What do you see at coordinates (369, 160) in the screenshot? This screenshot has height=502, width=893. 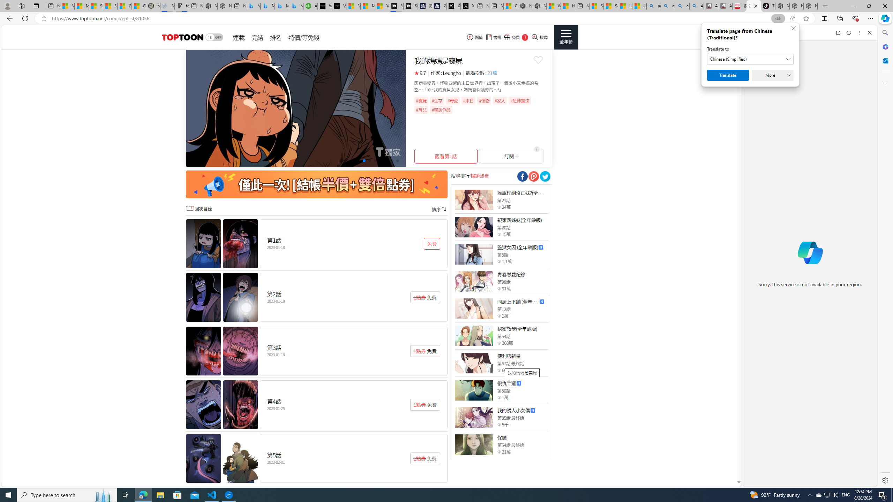 I see `'Go to slide 5'` at bounding box center [369, 160].